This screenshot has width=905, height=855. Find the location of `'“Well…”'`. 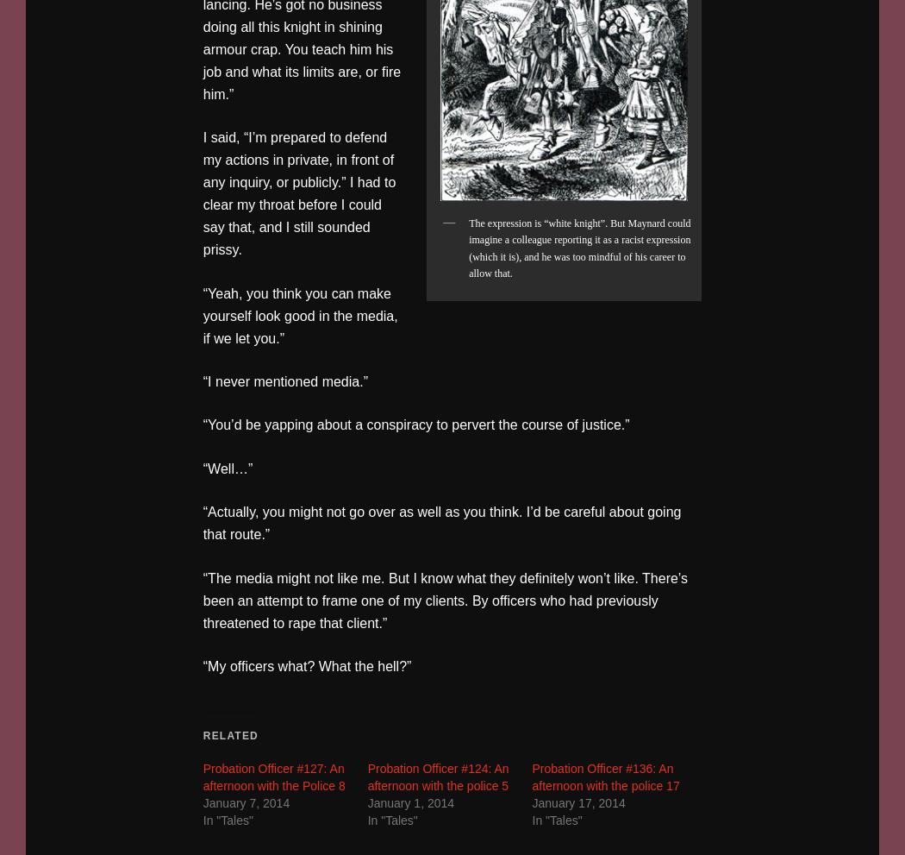

'“Well…”' is located at coordinates (202, 467).